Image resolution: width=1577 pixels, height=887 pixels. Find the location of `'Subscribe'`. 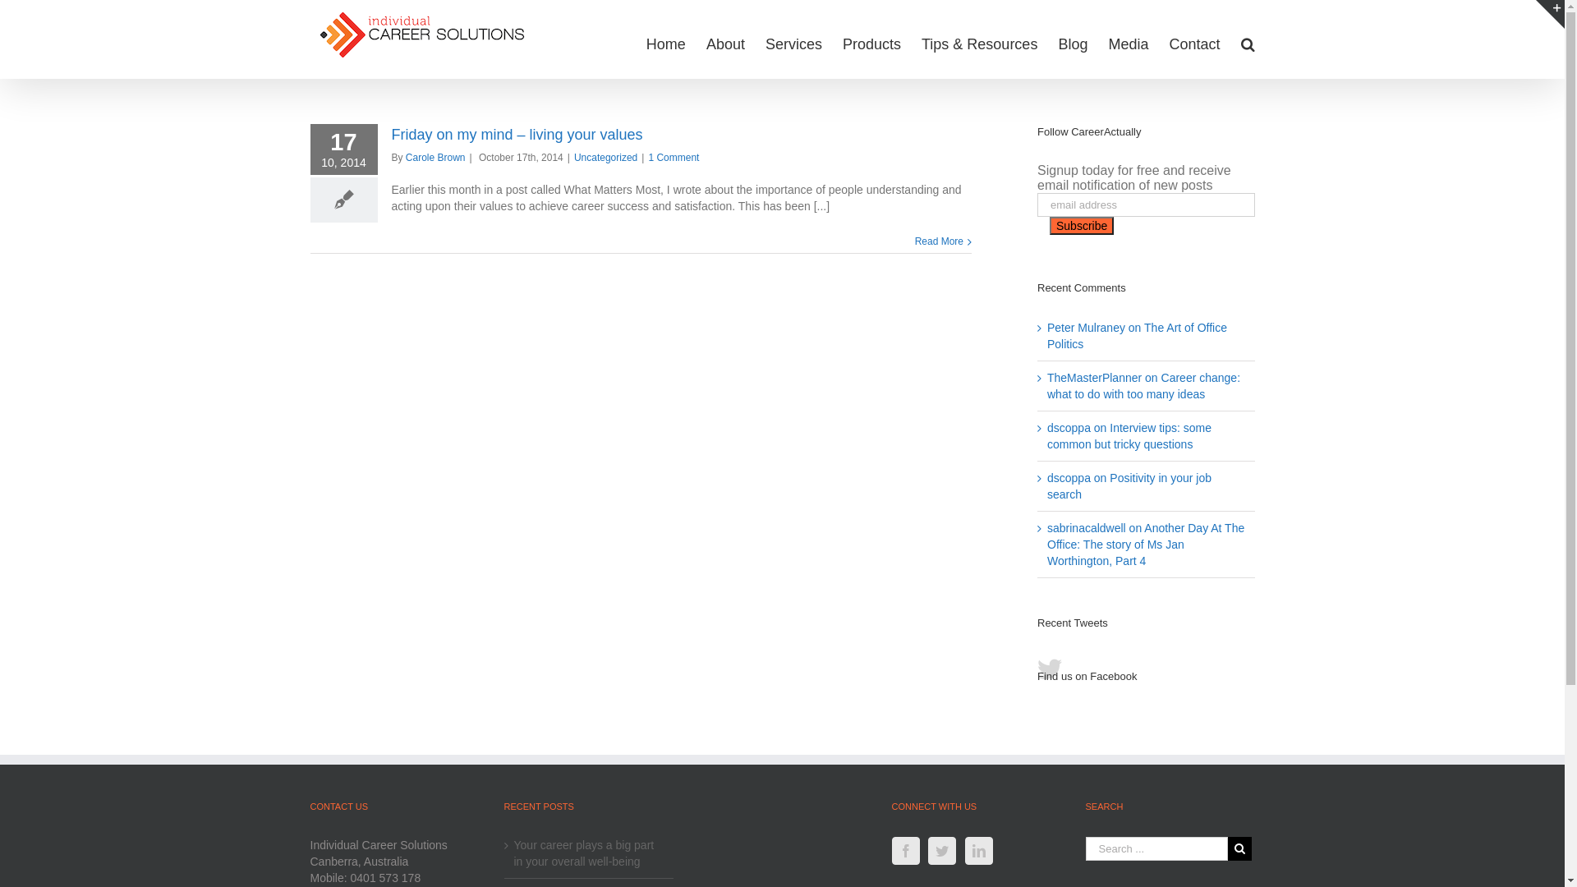

'Subscribe' is located at coordinates (1048, 225).